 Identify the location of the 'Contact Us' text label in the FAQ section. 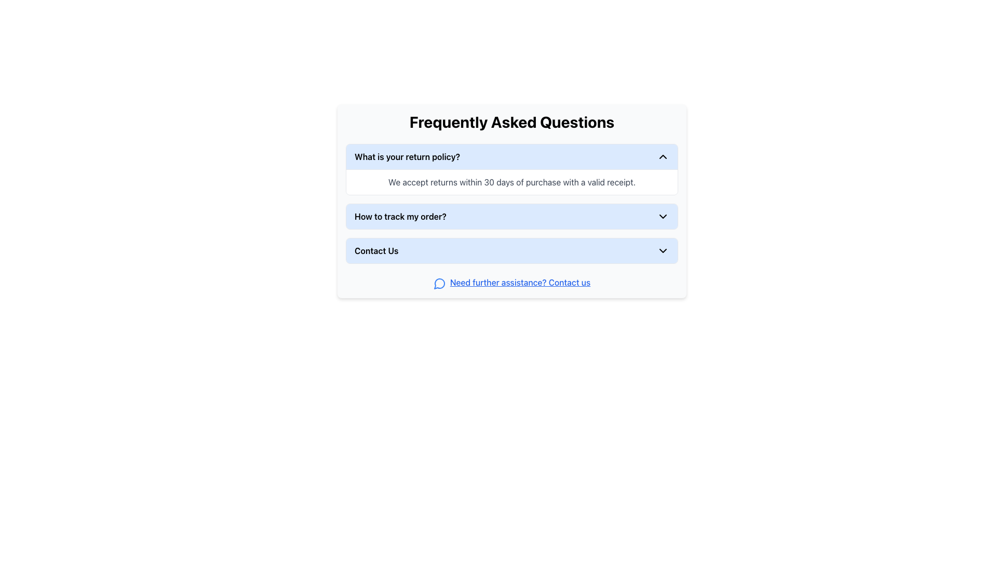
(376, 250).